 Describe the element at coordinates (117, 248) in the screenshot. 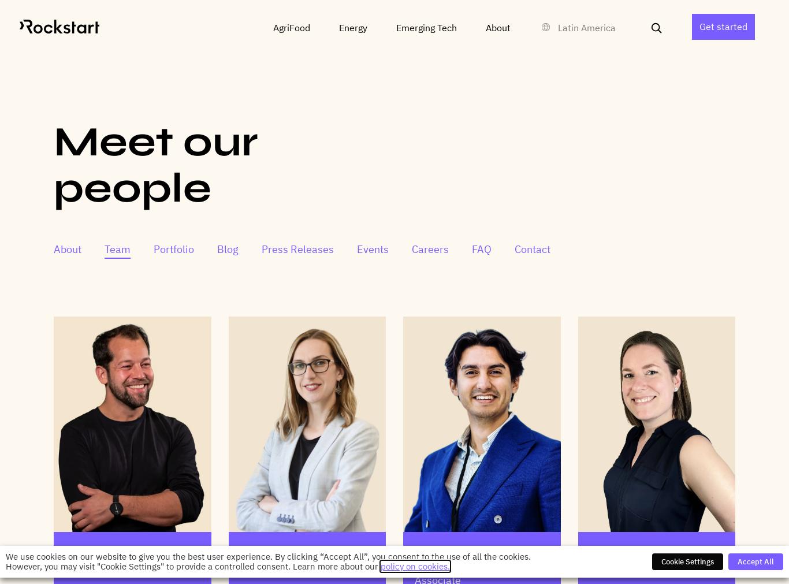

I see `'Team'` at that location.